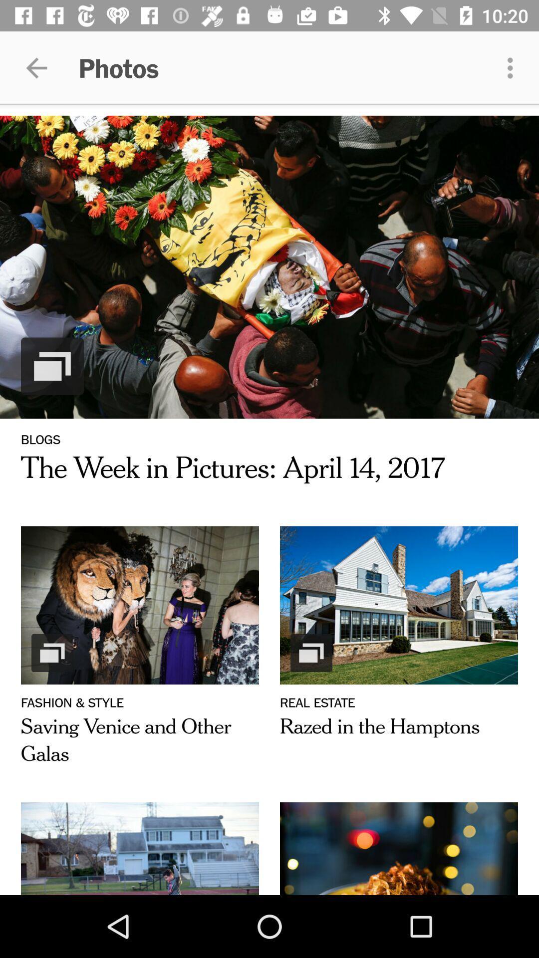 The image size is (539, 958). Describe the element at coordinates (311, 653) in the screenshot. I see `more images symbol which is above real estate` at that location.